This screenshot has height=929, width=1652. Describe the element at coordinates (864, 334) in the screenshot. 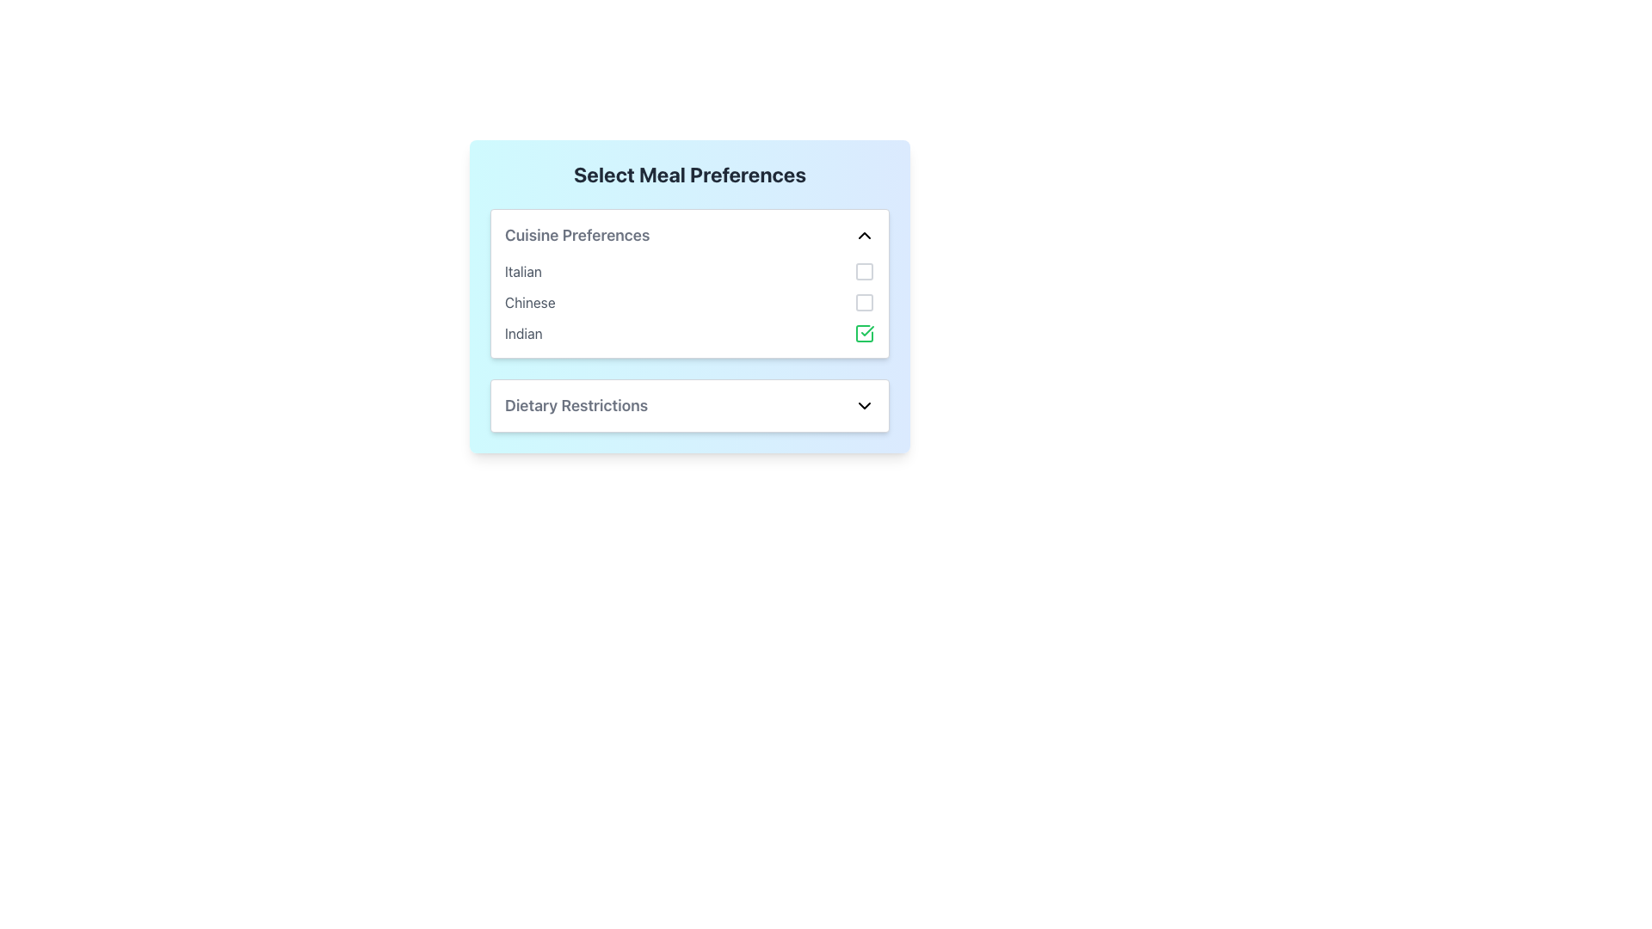

I see `the active green checkbox icon located to the right of the 'Indian' cuisine preference` at that location.